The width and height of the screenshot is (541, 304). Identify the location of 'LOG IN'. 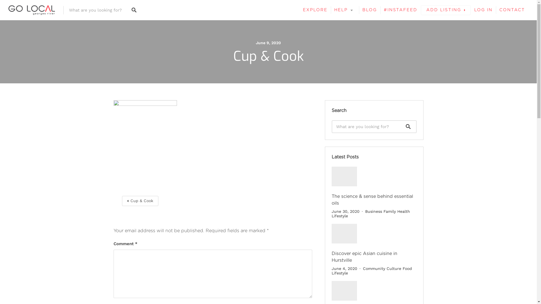
(483, 10).